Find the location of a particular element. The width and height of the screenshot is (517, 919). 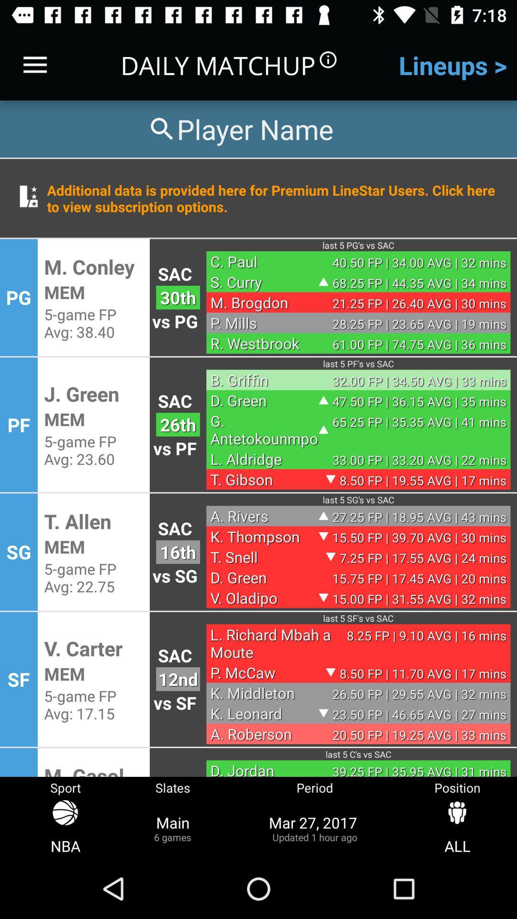

item next to daily matchup is located at coordinates (34, 65).